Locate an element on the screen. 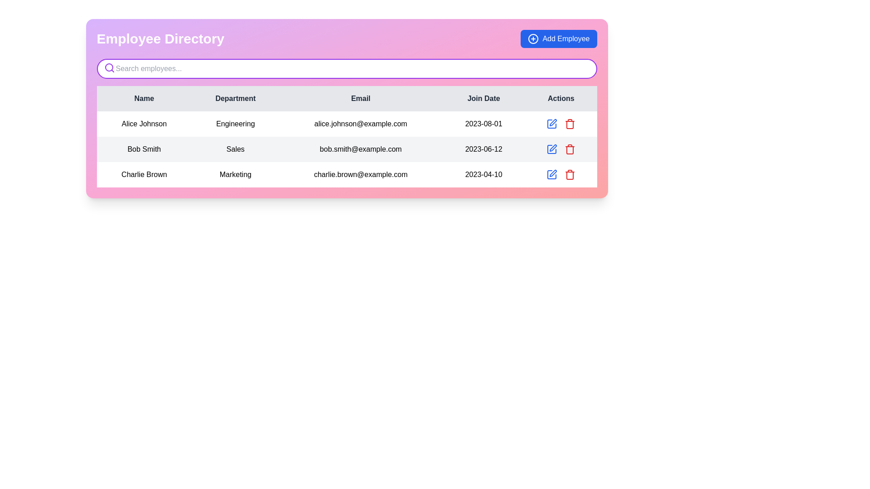 Image resolution: width=870 pixels, height=489 pixels. the second column header in the table that represents the department, located between the 'Name' and 'Email' headers is located at coordinates (235, 99).